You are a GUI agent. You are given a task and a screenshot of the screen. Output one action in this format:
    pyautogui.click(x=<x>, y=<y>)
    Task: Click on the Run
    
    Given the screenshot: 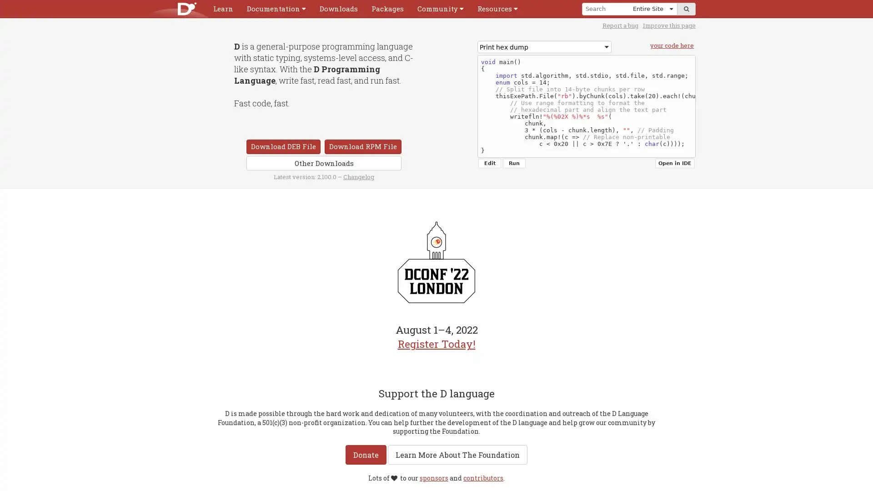 What is the action you would take?
    pyautogui.click(x=514, y=163)
    